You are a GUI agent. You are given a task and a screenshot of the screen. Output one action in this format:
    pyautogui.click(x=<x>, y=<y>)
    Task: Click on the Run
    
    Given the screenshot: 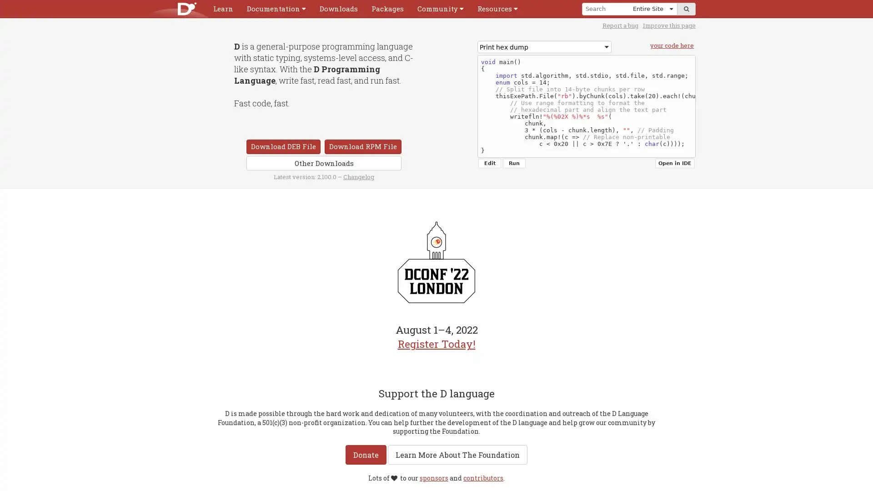 What is the action you would take?
    pyautogui.click(x=514, y=163)
    